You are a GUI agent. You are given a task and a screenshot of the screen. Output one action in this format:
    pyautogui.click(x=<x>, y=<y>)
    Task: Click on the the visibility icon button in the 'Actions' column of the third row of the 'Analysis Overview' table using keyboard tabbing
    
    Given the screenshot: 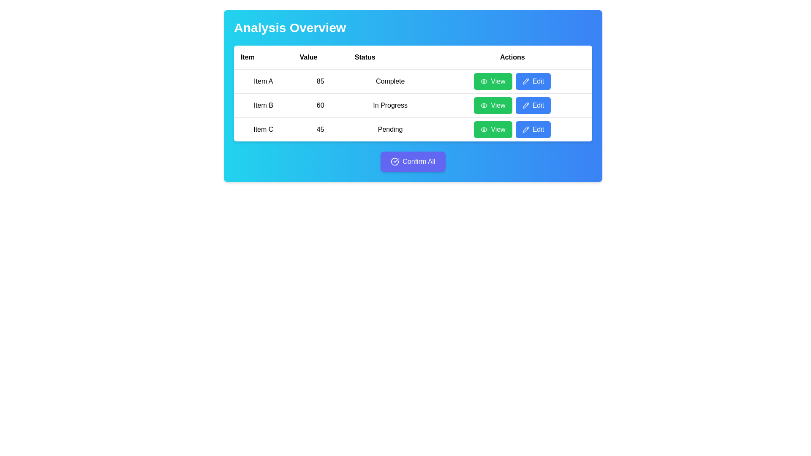 What is the action you would take?
    pyautogui.click(x=484, y=130)
    